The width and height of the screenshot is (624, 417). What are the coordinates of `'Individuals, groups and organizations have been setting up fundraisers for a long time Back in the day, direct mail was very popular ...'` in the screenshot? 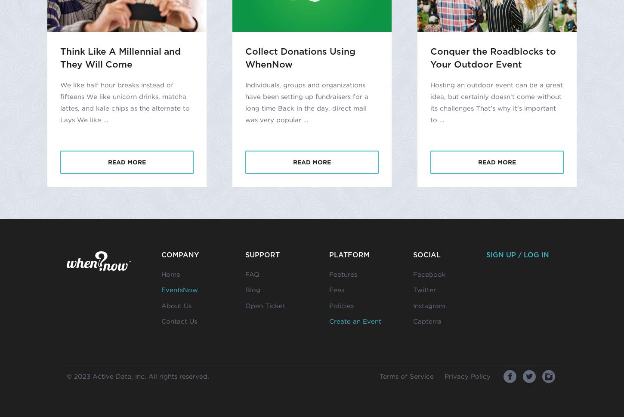 It's located at (306, 102).